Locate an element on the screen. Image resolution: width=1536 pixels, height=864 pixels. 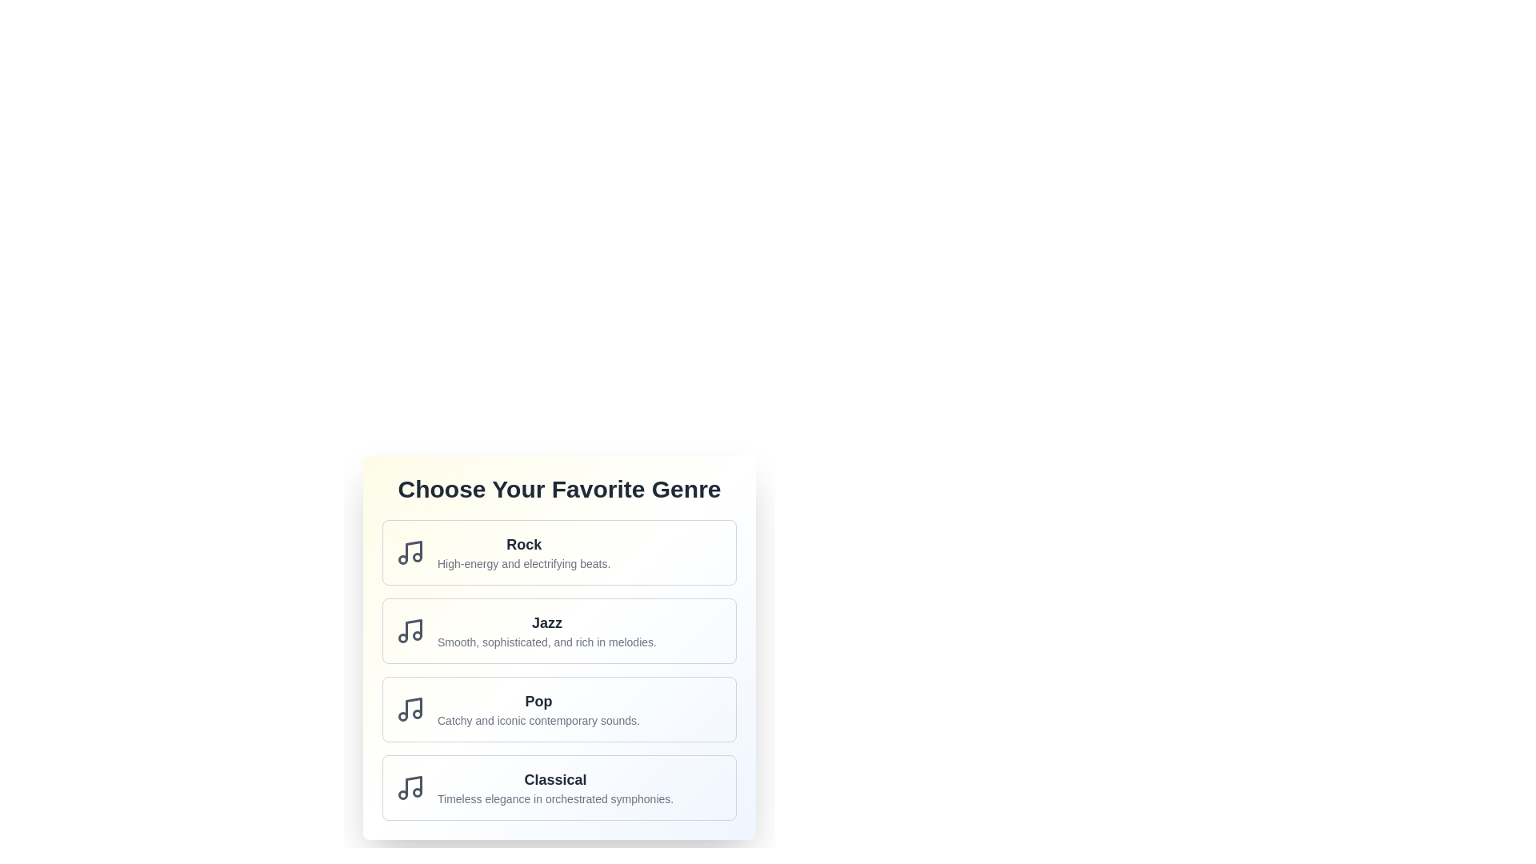
the Jazz music genre icon located on the left side of the entry labeled 'Jazz,' which has the description 'Smooth, sophisticated, and rich in melodies.' is located at coordinates (410, 630).